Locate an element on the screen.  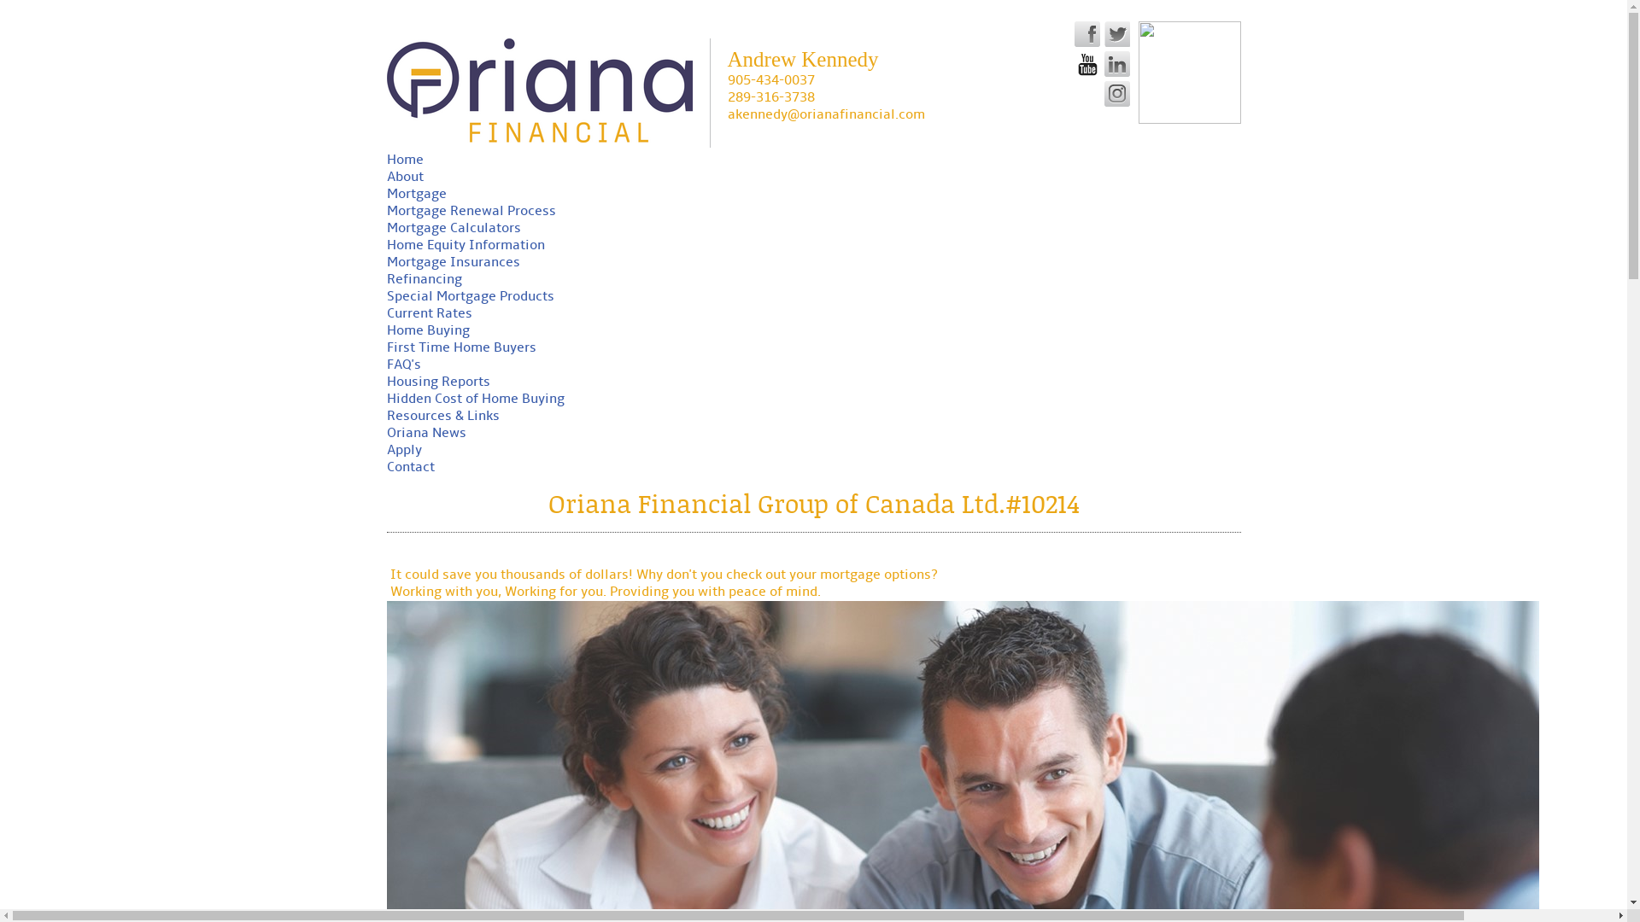
'Housing Reports' is located at coordinates (437, 381).